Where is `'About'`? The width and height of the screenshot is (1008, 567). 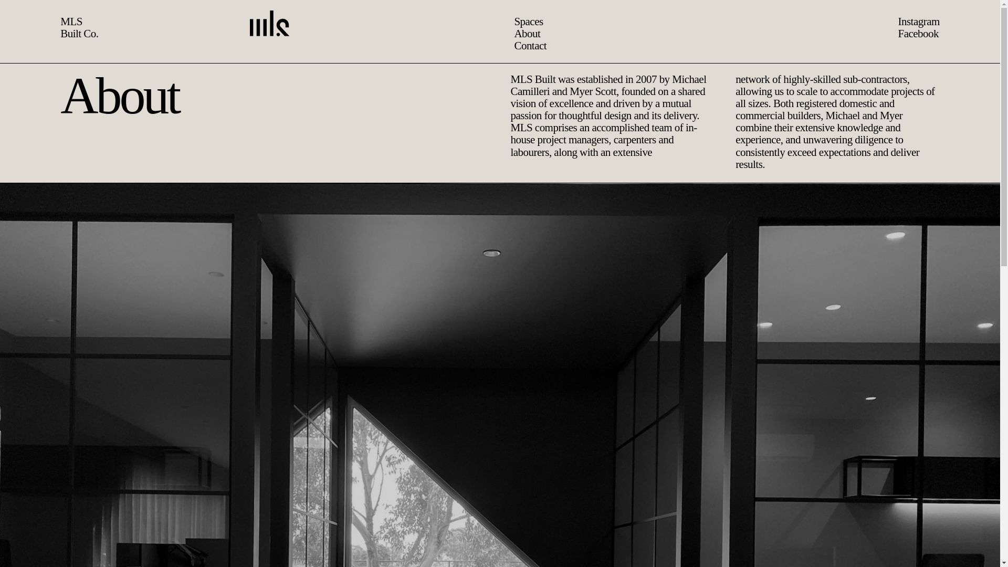 'About' is located at coordinates (496, 33).